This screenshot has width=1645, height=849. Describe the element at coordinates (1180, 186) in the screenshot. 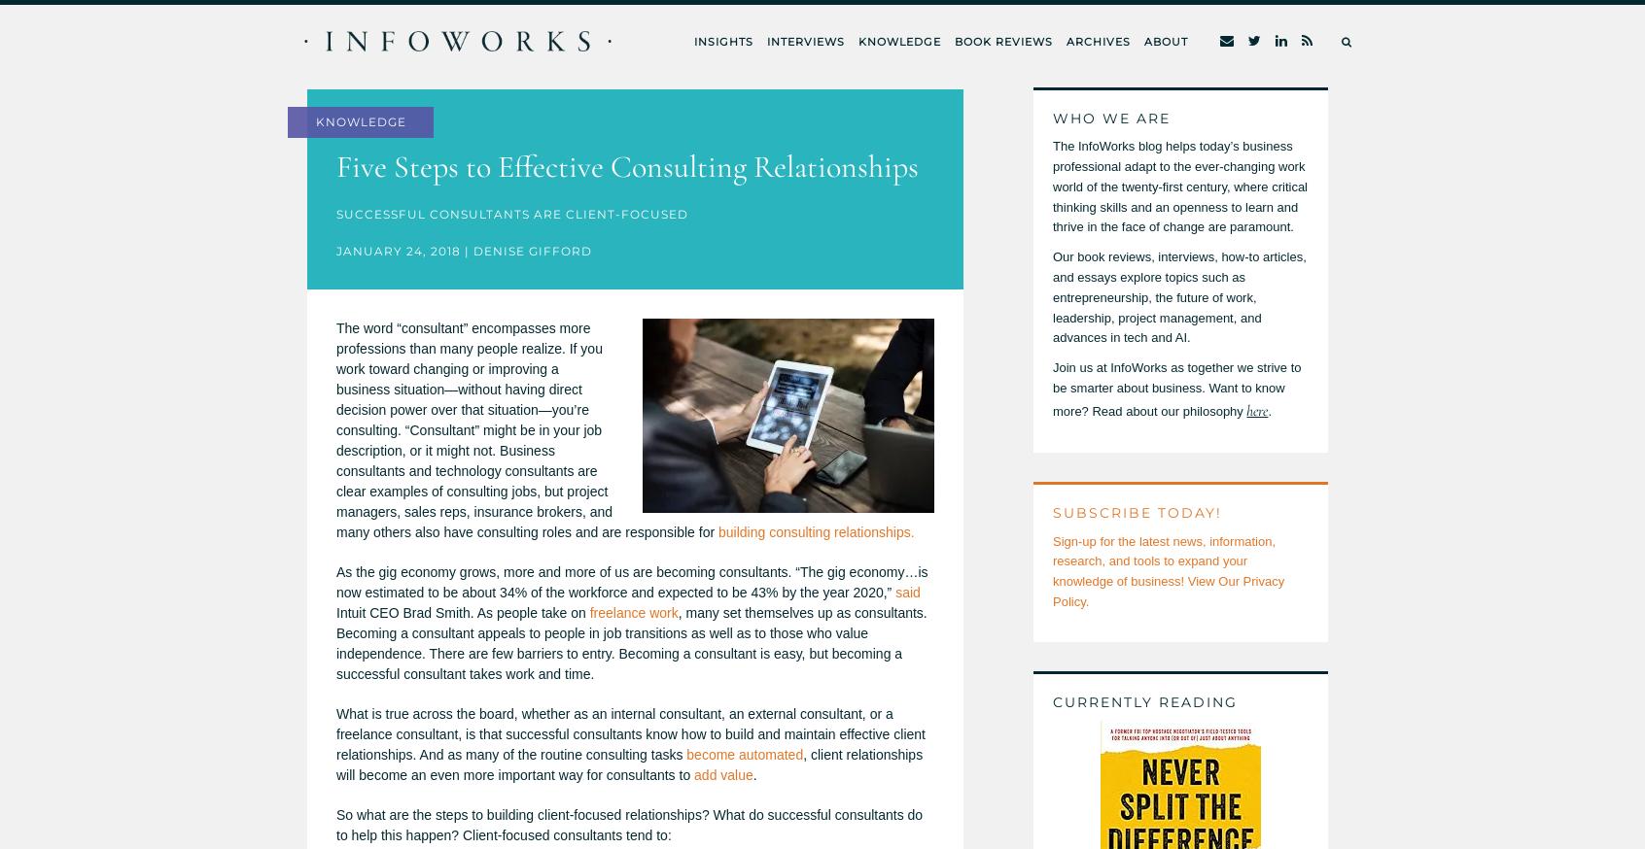

I see `'The InfoWorks blog helps today’s business professional adapt to the ever-changing work world of the twenty-first century, where critical thinking skills and an openness to learn and thrive in the face of change are paramount.'` at that location.